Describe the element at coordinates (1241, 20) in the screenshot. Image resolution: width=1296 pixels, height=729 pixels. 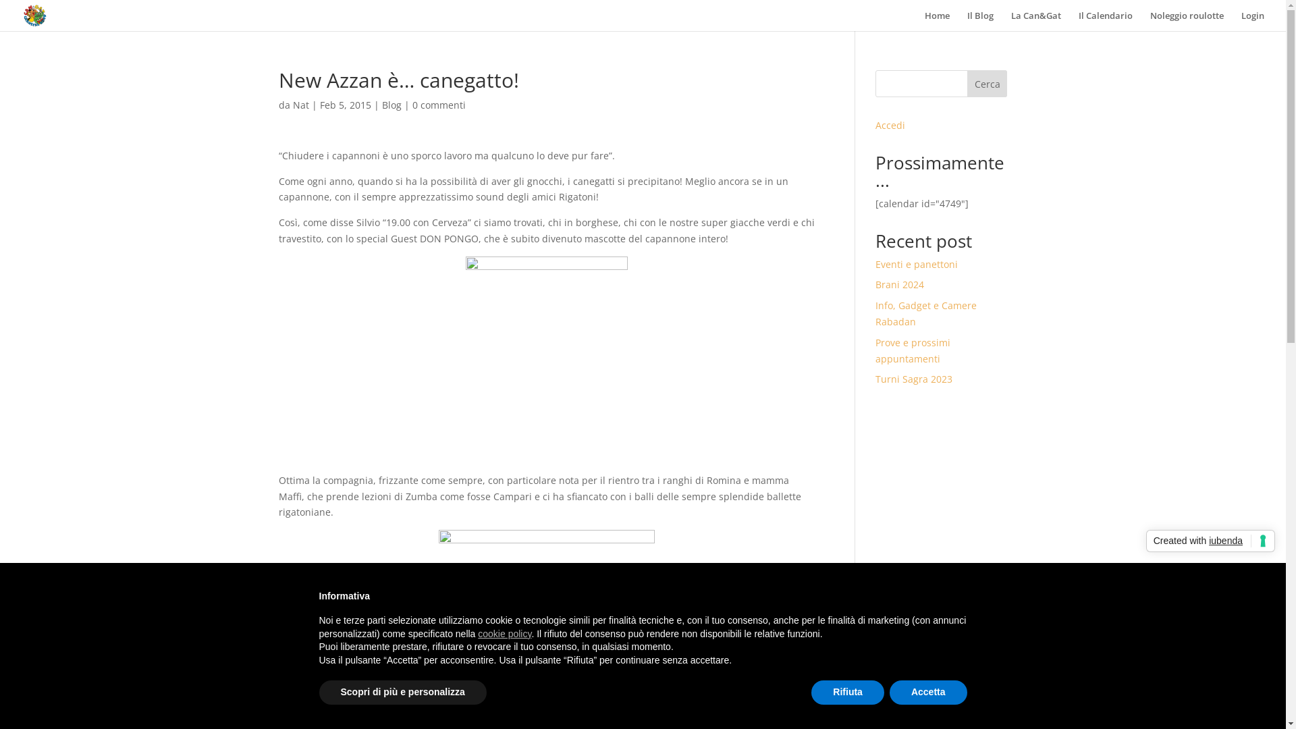
I see `'Login'` at that location.